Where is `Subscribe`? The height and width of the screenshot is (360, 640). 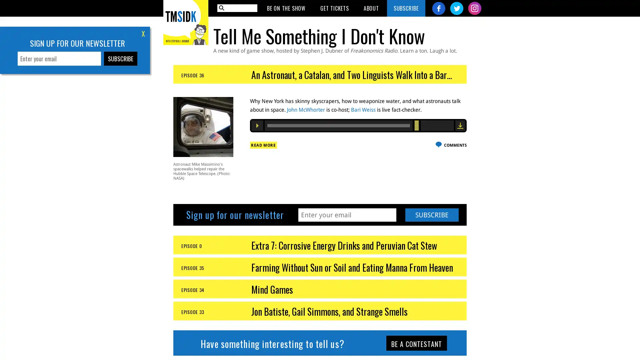
Subscribe is located at coordinates (432, 215).